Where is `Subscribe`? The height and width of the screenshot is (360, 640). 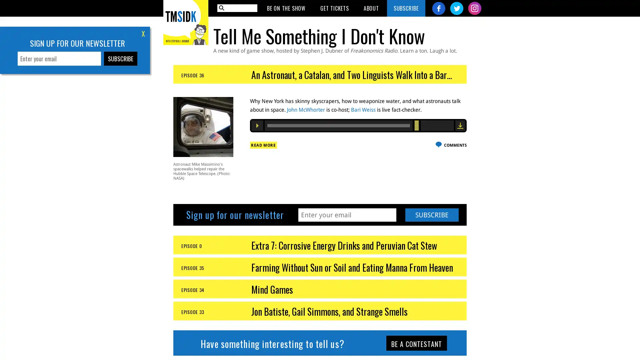
Subscribe is located at coordinates (432, 215).